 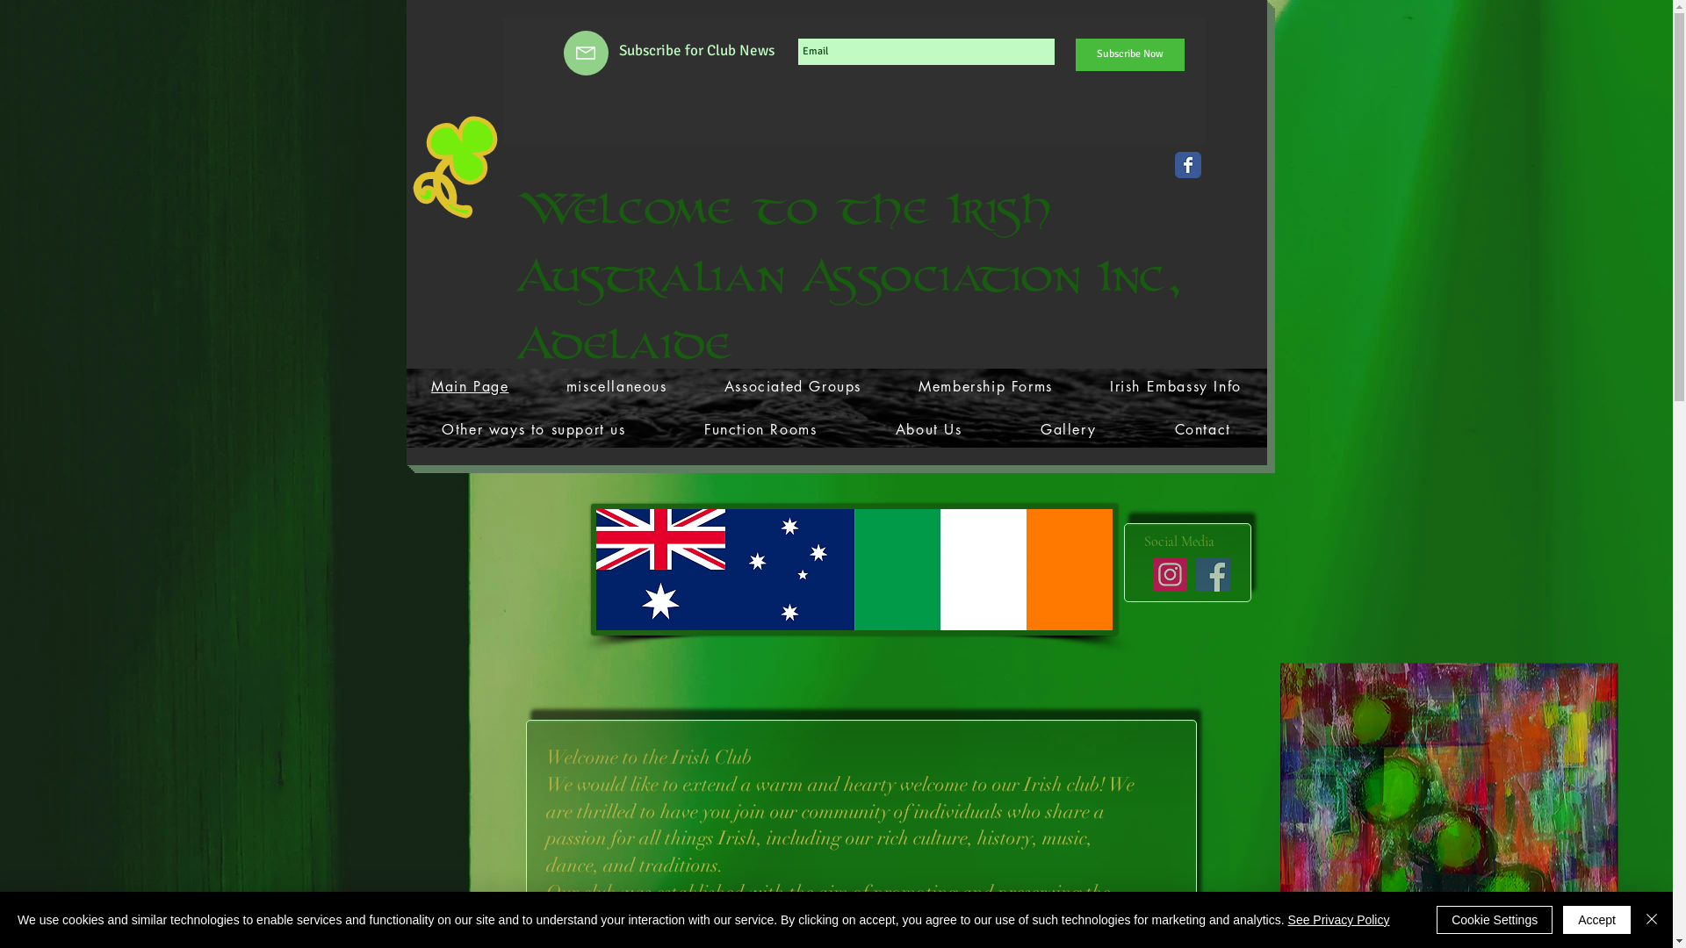 What do you see at coordinates (1494, 919) in the screenshot?
I see `'Cookie Settings'` at bounding box center [1494, 919].